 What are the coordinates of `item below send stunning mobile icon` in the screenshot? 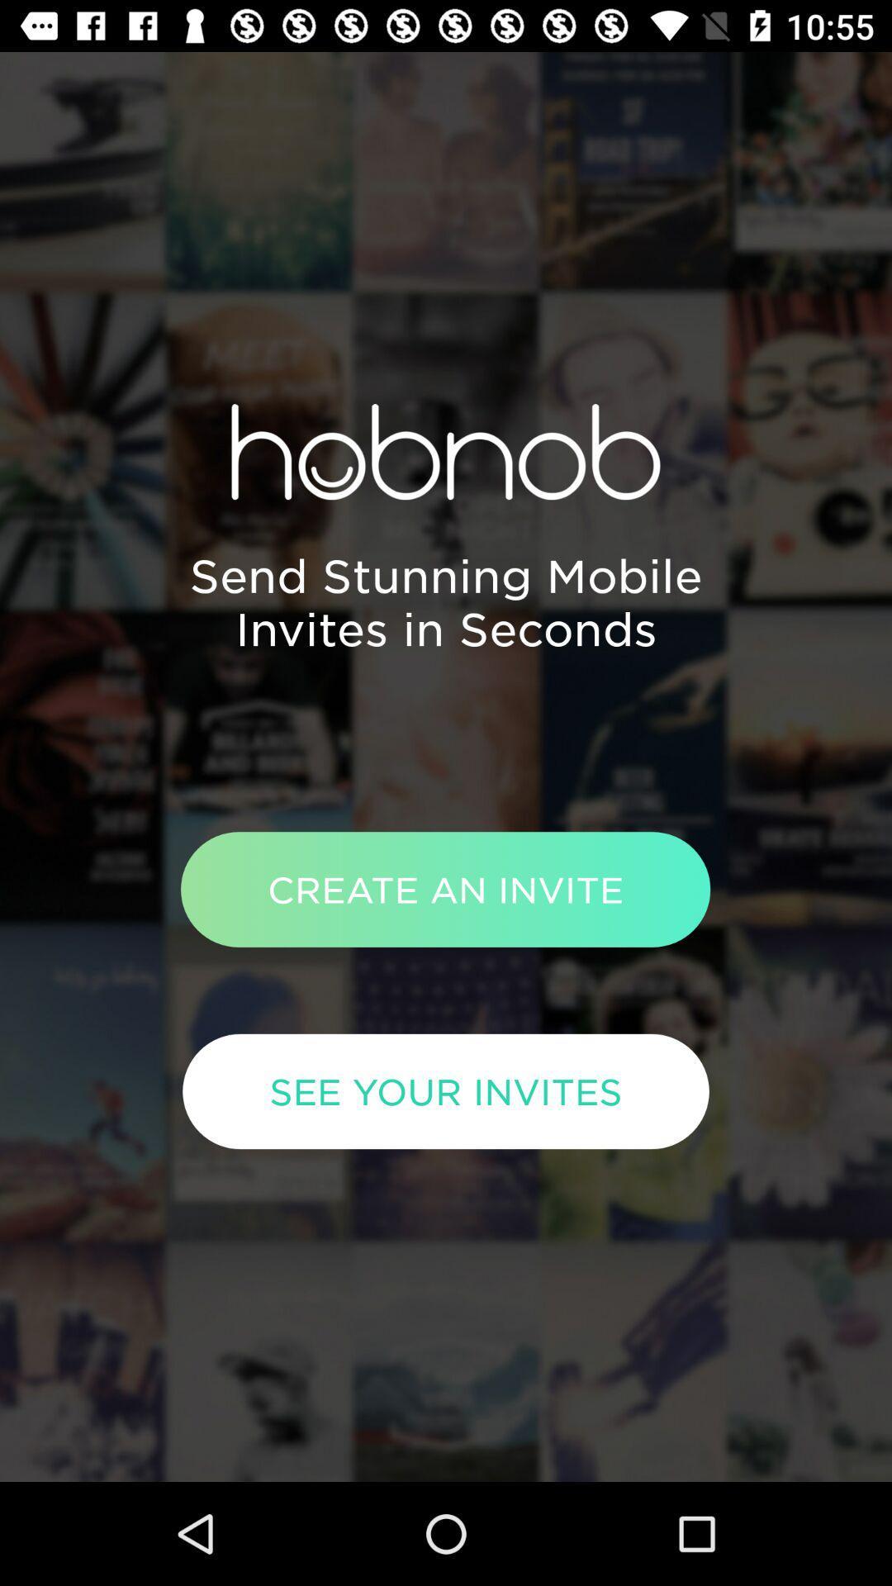 It's located at (444, 888).